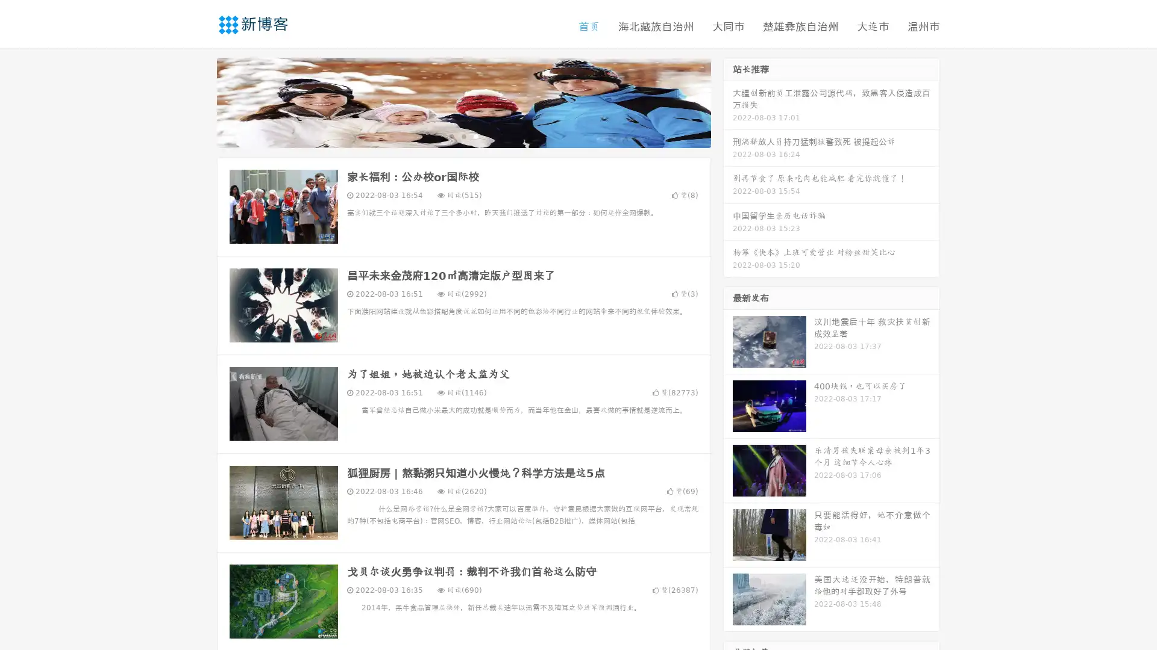 This screenshot has height=650, width=1157. Describe the element at coordinates (475, 135) in the screenshot. I see `Go to slide 3` at that location.